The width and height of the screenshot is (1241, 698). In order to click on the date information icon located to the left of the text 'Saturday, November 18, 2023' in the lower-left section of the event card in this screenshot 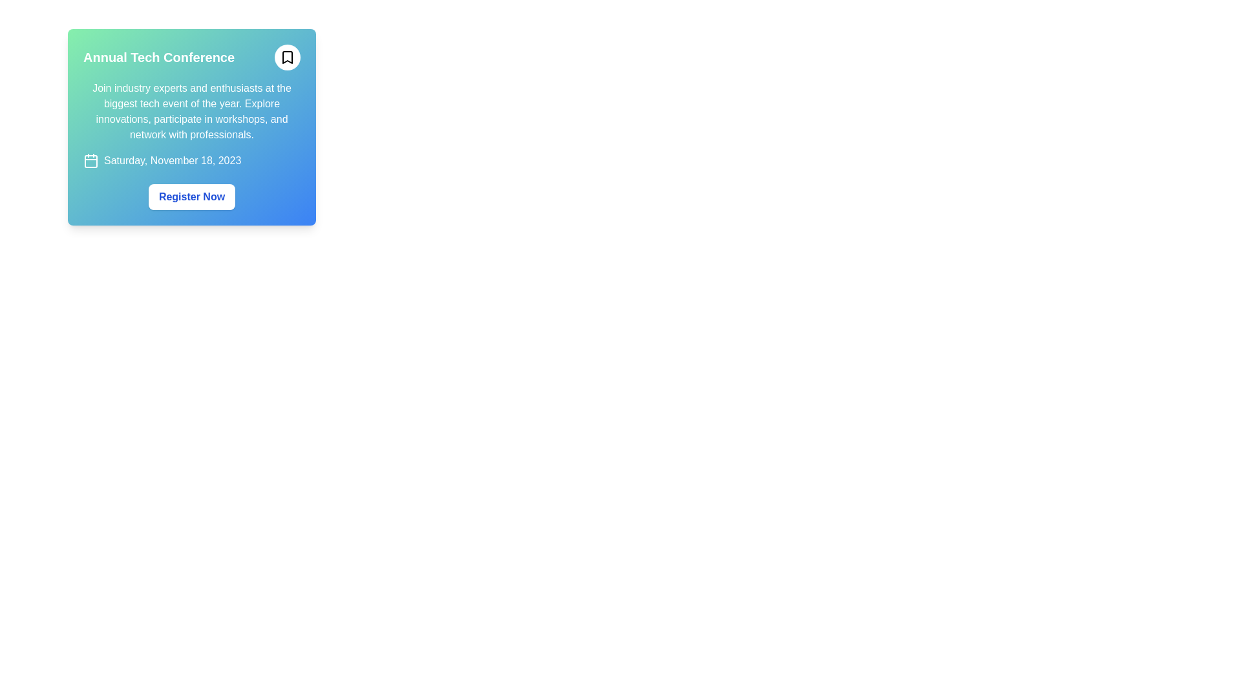, I will do `click(90, 160)`.